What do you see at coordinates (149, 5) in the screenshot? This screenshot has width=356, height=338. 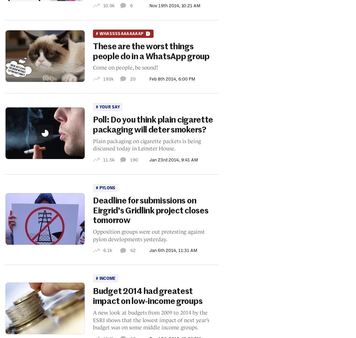 I see `'Nov 19th 2014, 10:21 AM'` at bounding box center [149, 5].